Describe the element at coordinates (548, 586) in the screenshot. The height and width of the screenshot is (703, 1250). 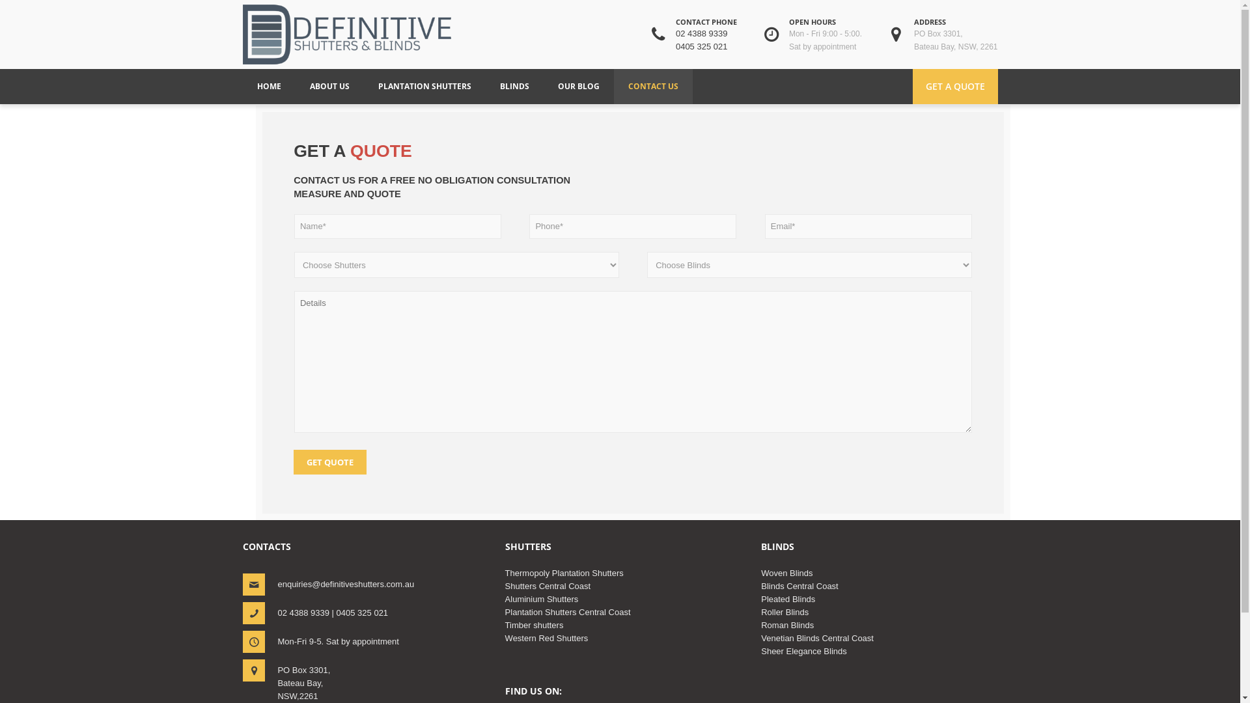
I see `'Shutters Central Coast'` at that location.